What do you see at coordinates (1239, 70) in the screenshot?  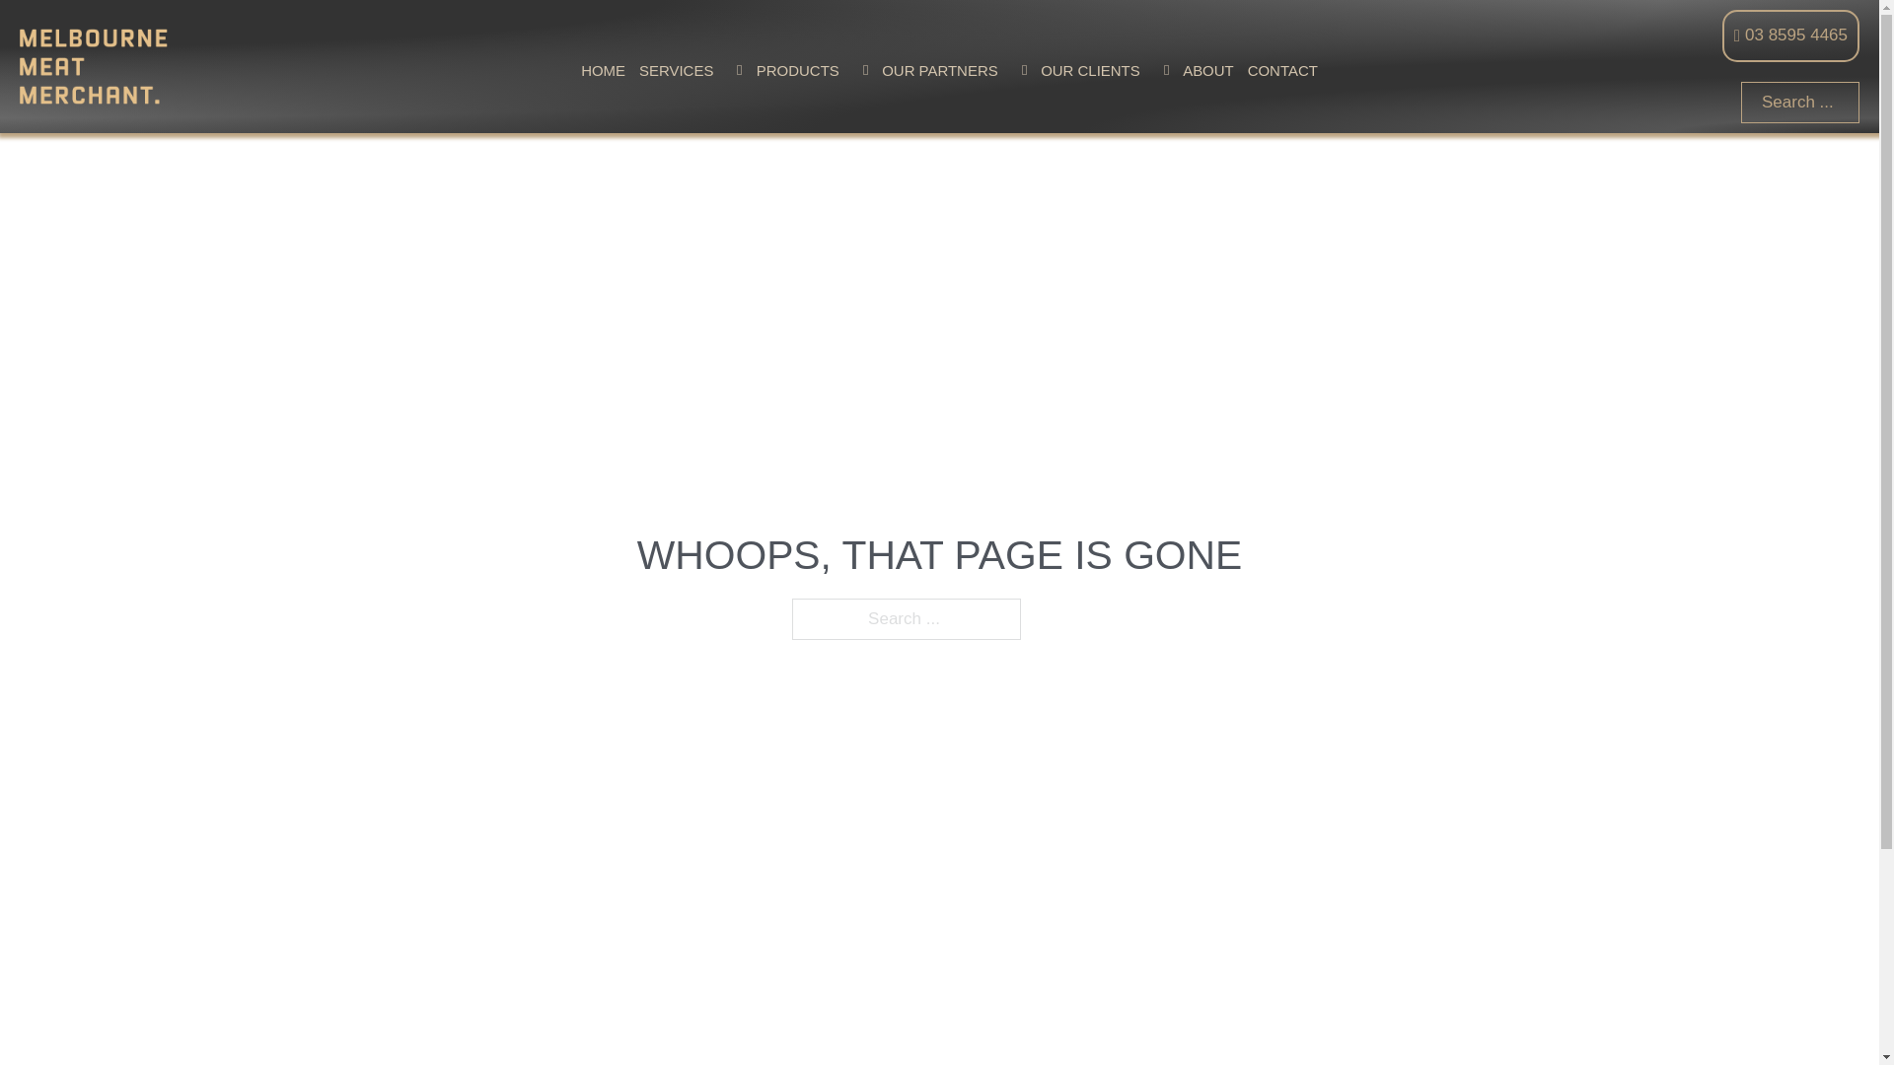 I see `'CONTACT'` at bounding box center [1239, 70].